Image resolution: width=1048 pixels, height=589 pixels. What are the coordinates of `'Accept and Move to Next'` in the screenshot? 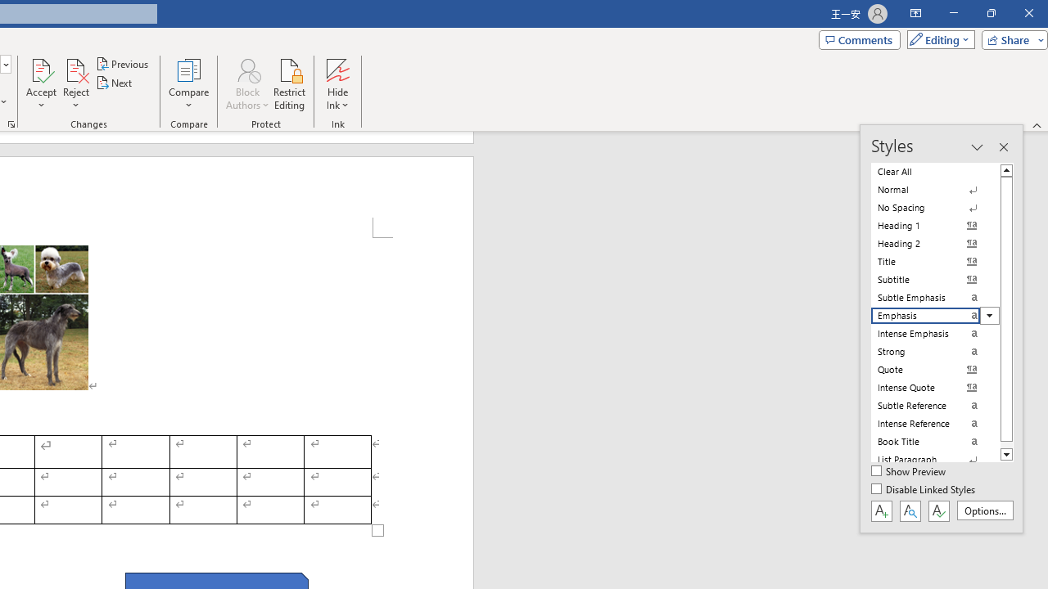 It's located at (41, 69).